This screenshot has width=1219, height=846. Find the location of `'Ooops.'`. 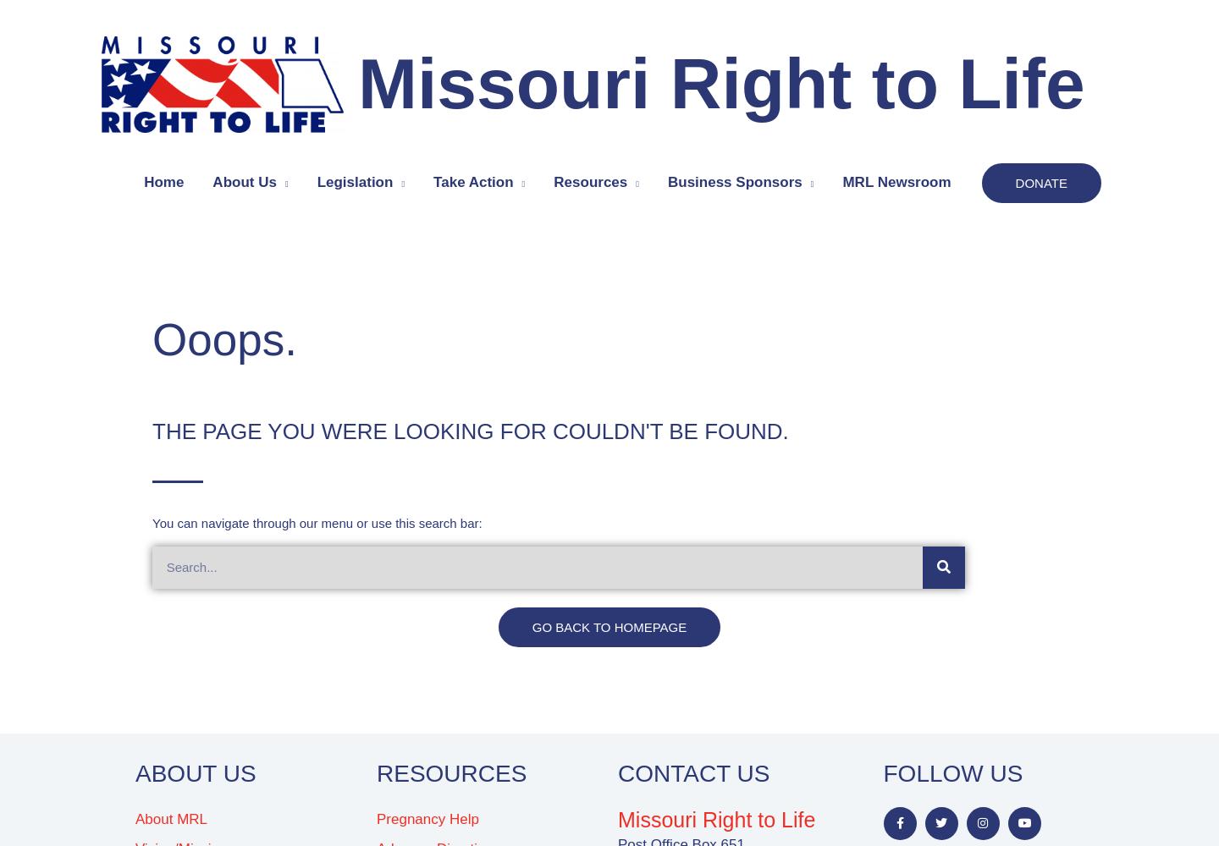

'Ooops.' is located at coordinates (223, 339).